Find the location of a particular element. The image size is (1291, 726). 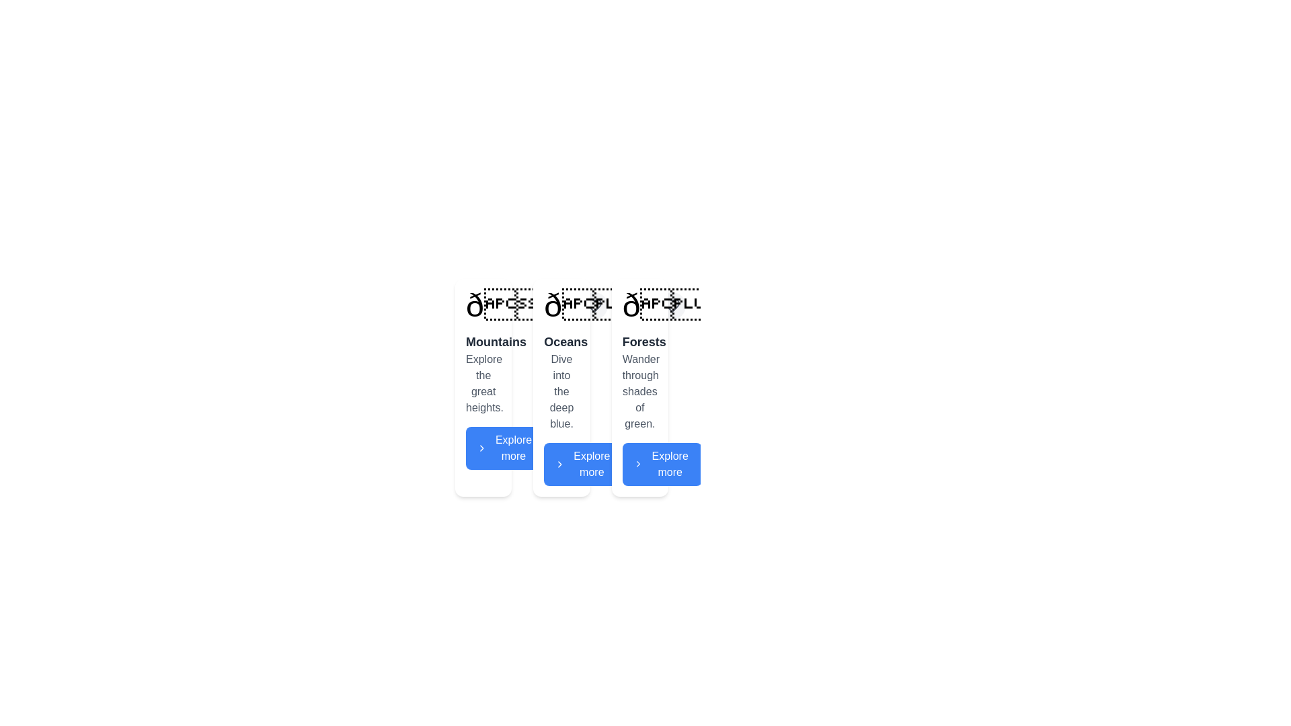

the circular gray button with a heart icon located at the top-right corner of the 'Forests' card to trigger an interaction is located at coordinates (672, 306).